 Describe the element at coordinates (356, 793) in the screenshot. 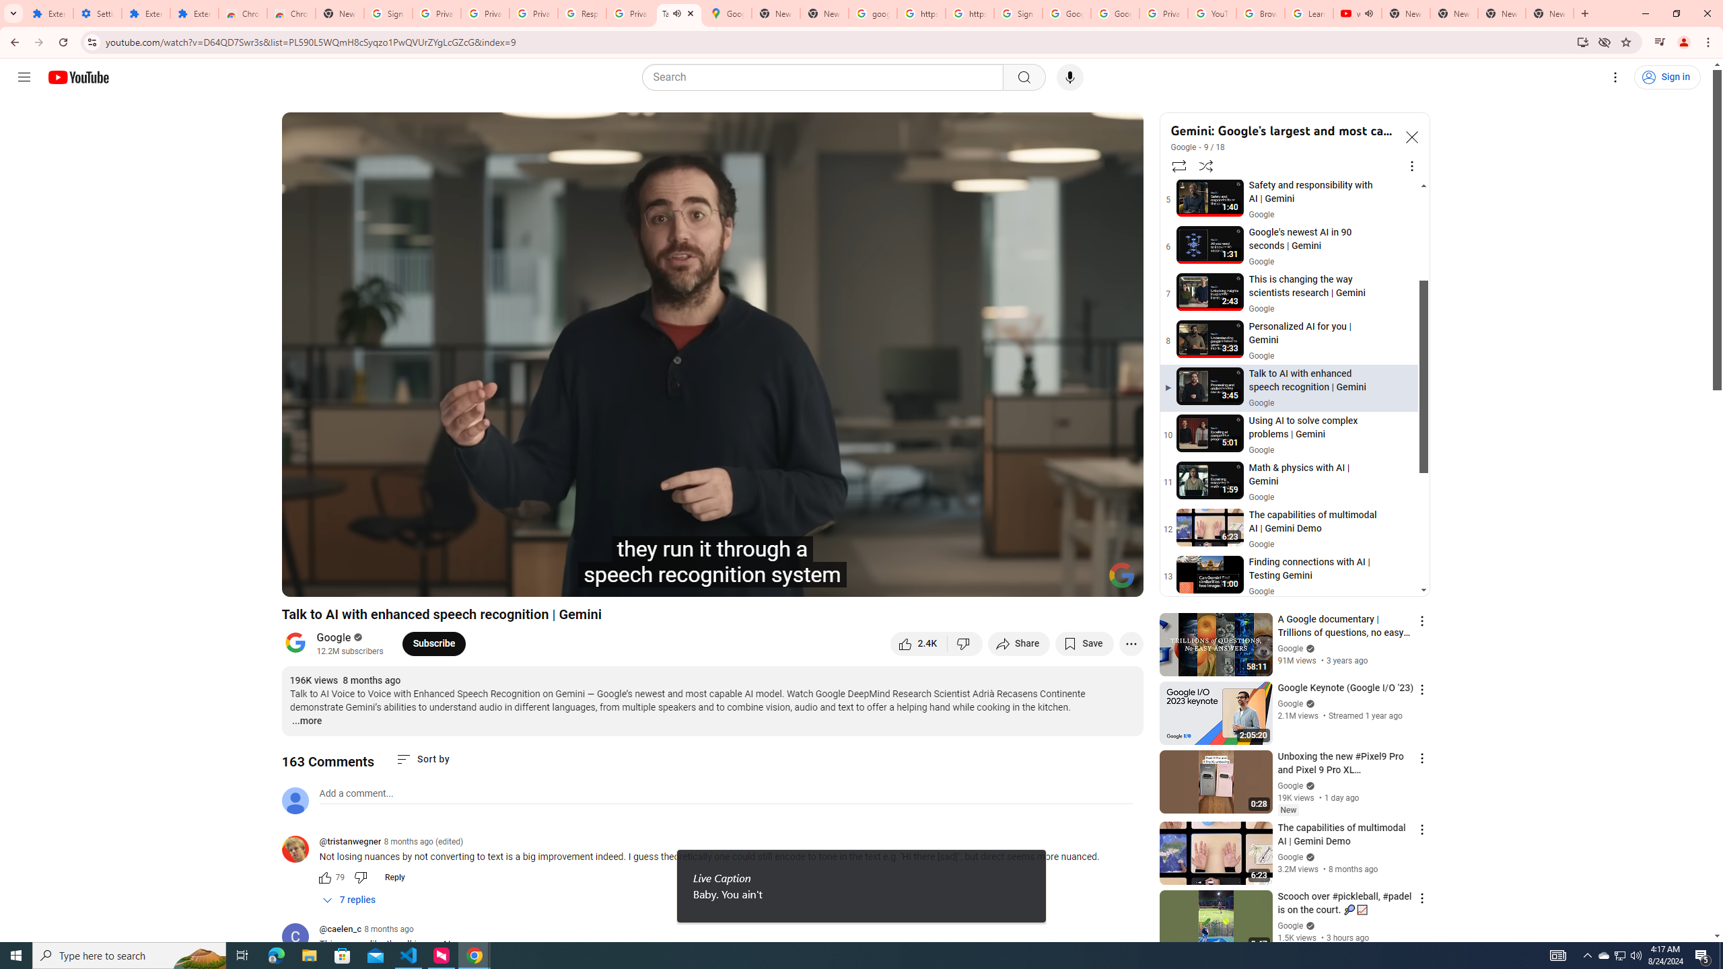

I see `'AutomationID: simplebox-placeholder'` at that location.